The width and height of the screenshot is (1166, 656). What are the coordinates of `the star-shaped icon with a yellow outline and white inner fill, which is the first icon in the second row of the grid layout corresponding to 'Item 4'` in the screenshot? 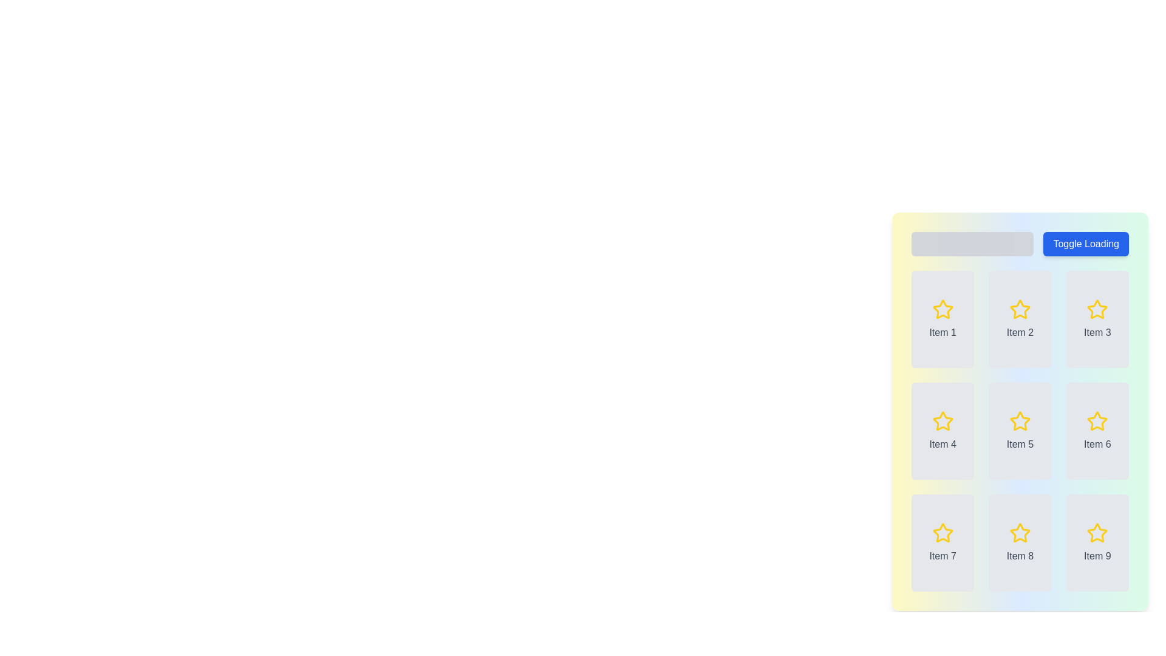 It's located at (942, 420).